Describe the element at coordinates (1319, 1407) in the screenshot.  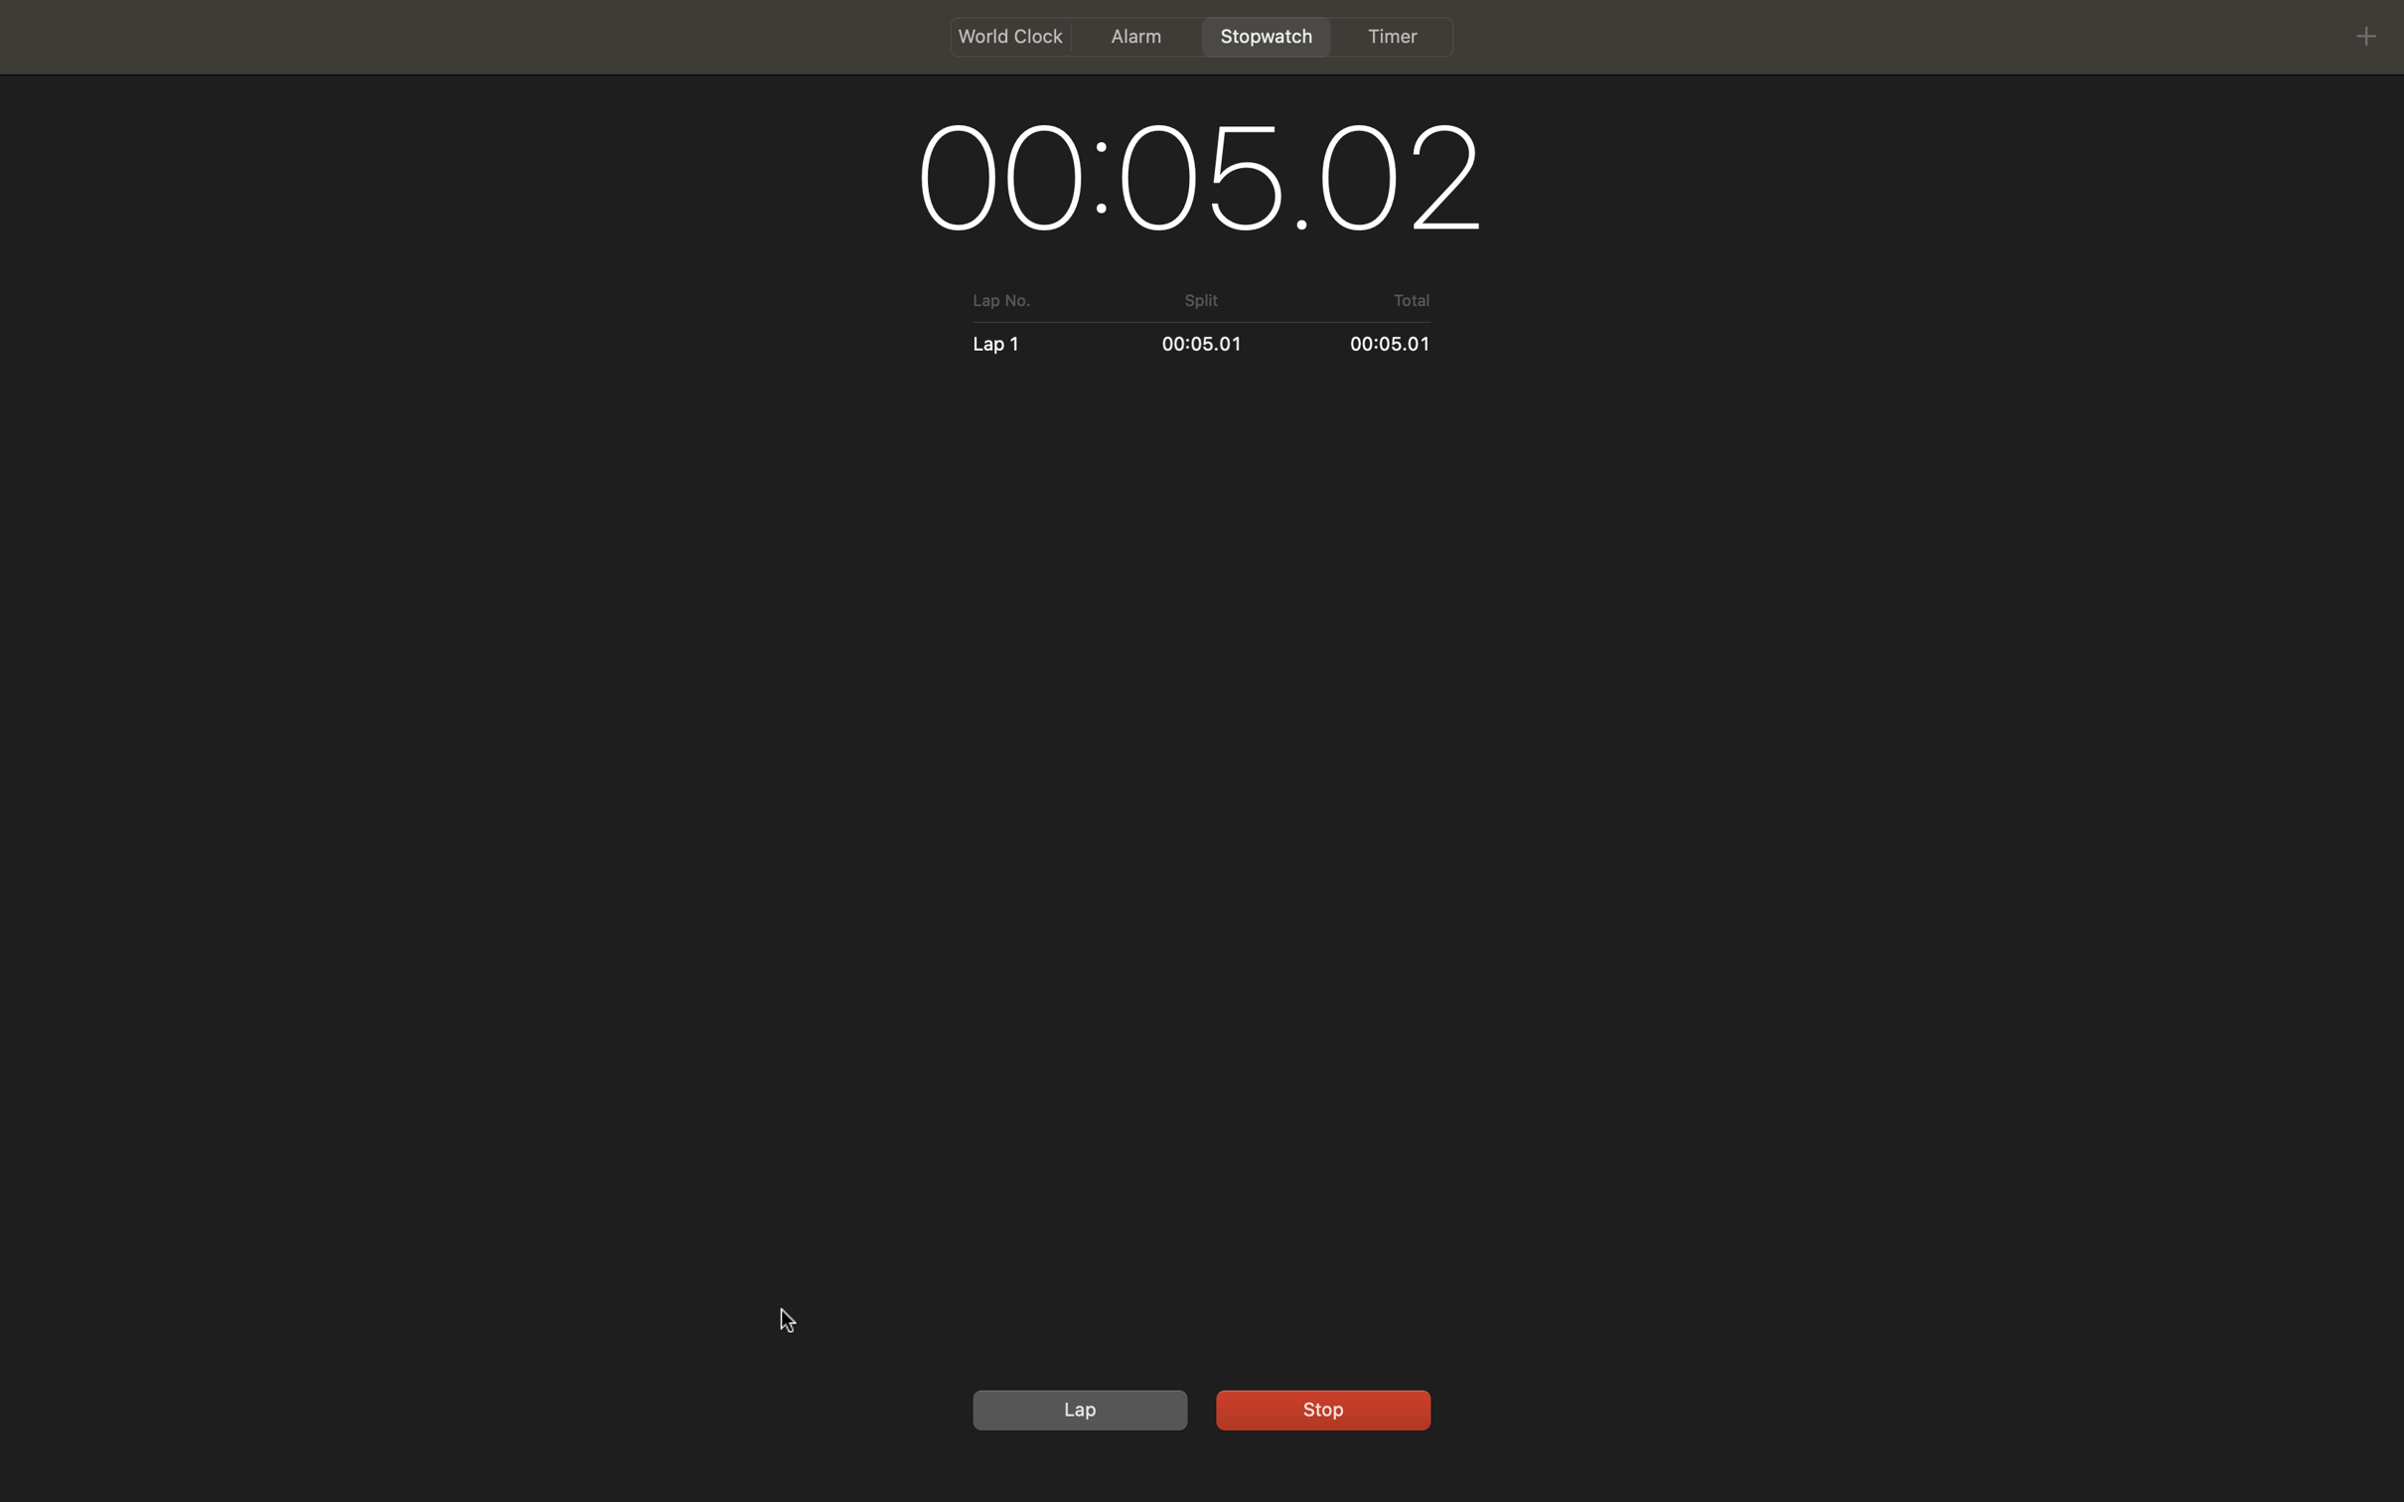
I see `Resume the timing function and then log a lap duration` at that location.